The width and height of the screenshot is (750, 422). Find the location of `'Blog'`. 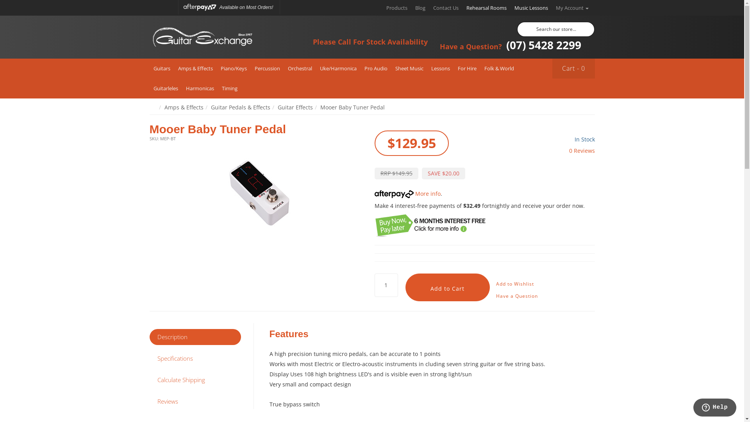

'Blog' is located at coordinates (420, 7).